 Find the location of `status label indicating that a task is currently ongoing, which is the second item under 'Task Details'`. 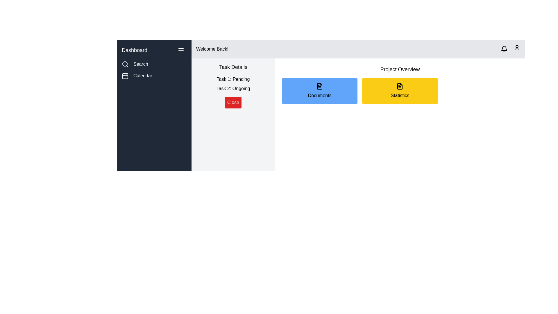

status label indicating that a task is currently ongoing, which is the second item under 'Task Details' is located at coordinates (233, 88).